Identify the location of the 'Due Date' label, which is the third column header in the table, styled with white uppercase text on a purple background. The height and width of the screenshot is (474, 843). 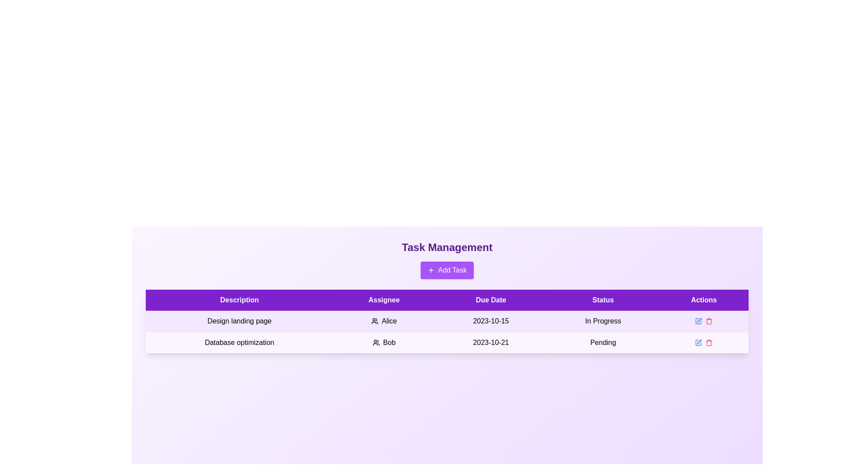
(490, 299).